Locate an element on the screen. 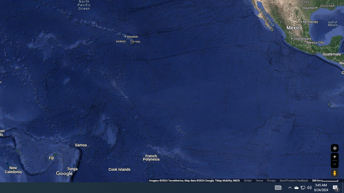 This screenshot has height=193, width=344. 'Terms' is located at coordinates (259, 180).